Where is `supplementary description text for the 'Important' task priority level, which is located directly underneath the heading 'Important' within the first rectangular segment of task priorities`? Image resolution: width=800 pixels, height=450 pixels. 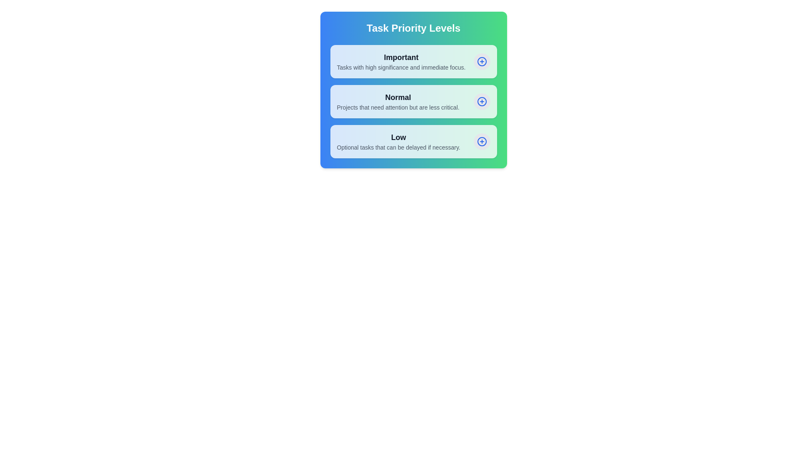
supplementary description text for the 'Important' task priority level, which is located directly underneath the heading 'Important' within the first rectangular segment of task priorities is located at coordinates (401, 67).